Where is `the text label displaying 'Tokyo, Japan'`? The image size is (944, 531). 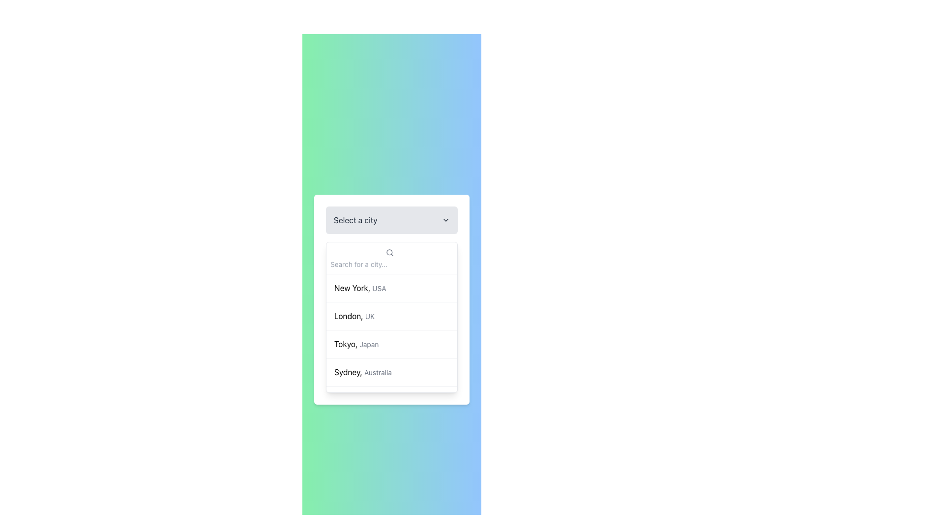 the text label displaying 'Tokyo, Japan' is located at coordinates (356, 343).